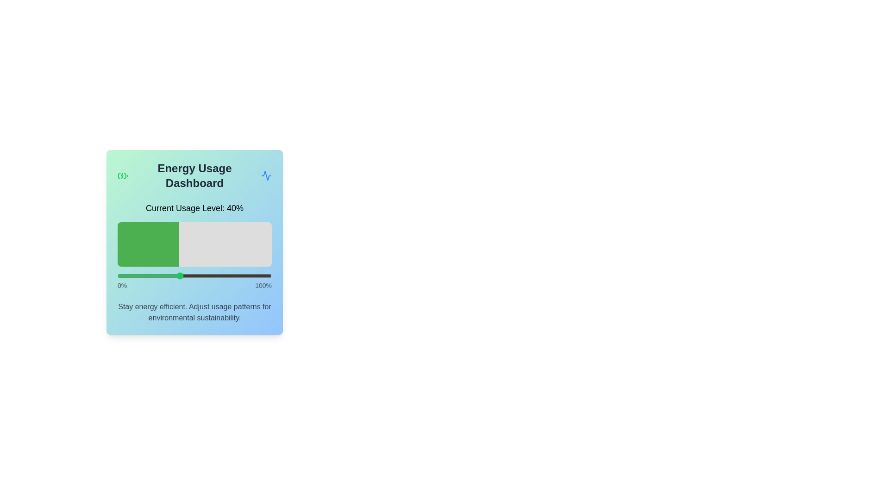 The width and height of the screenshot is (889, 500). I want to click on the energy usage level to 40% by dragging the slider, so click(179, 275).